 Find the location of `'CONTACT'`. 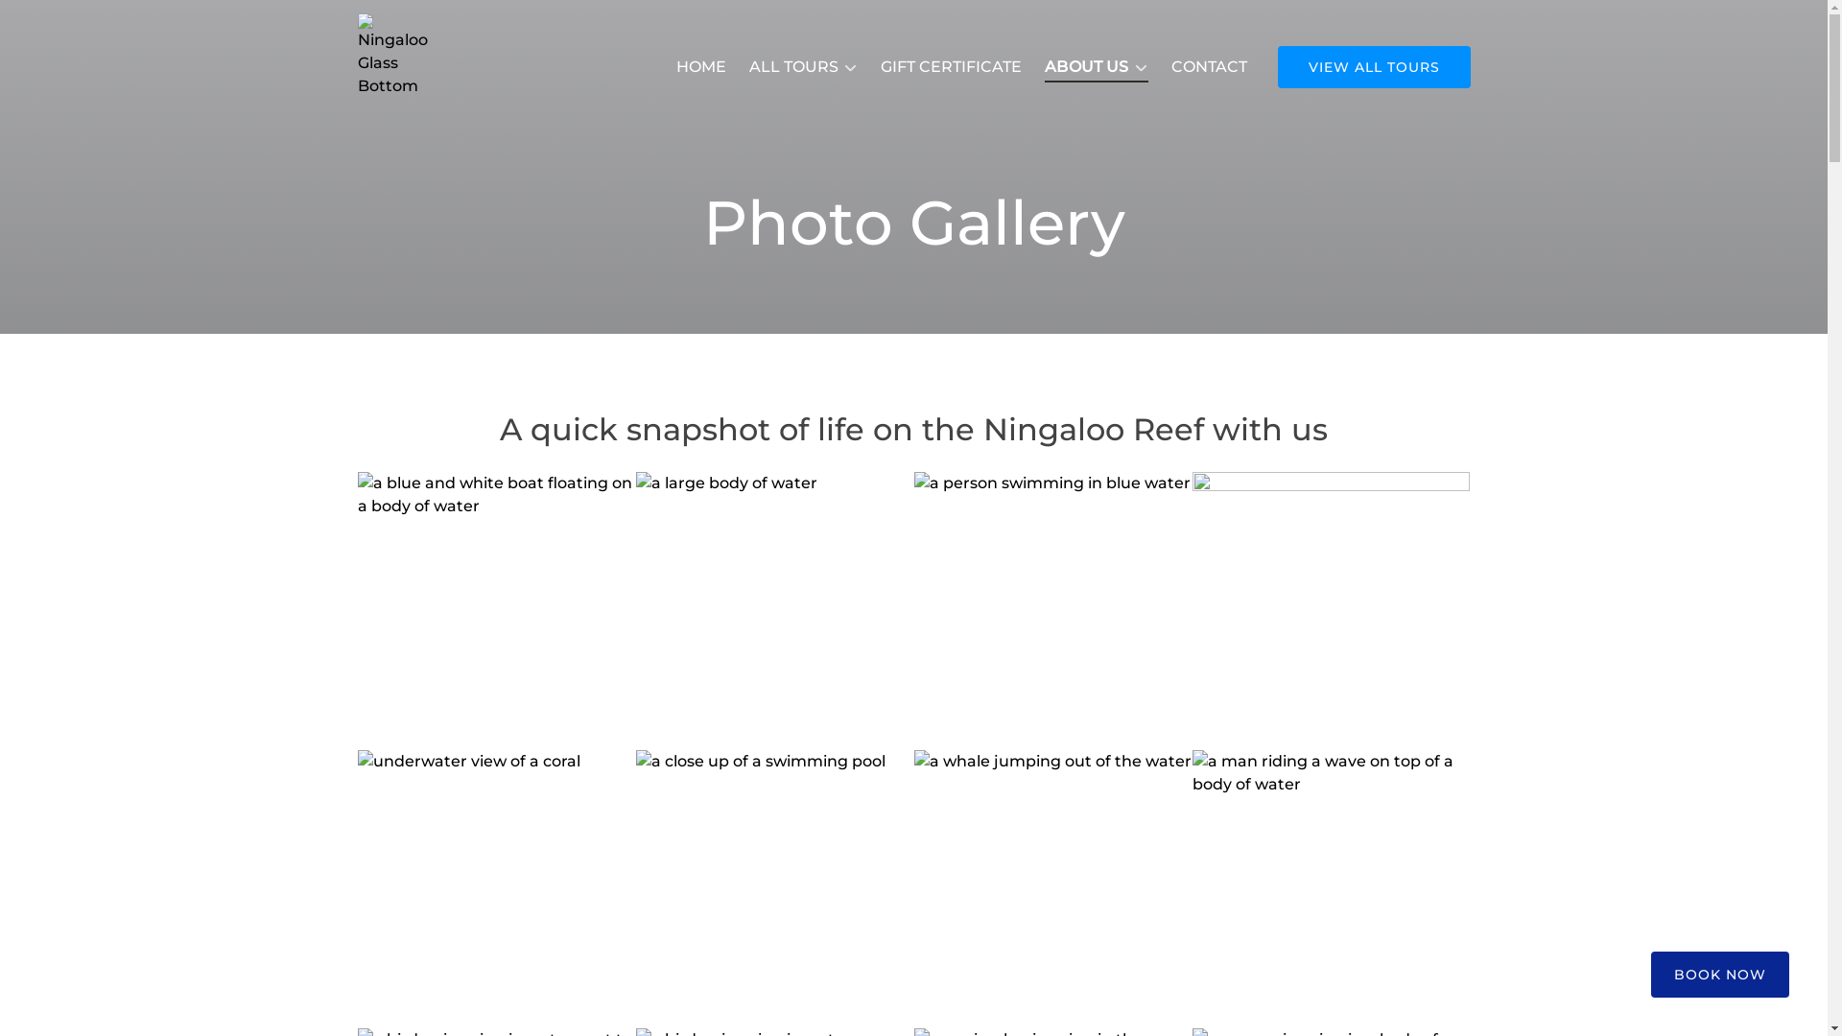

'CONTACT' is located at coordinates (1158, 65).